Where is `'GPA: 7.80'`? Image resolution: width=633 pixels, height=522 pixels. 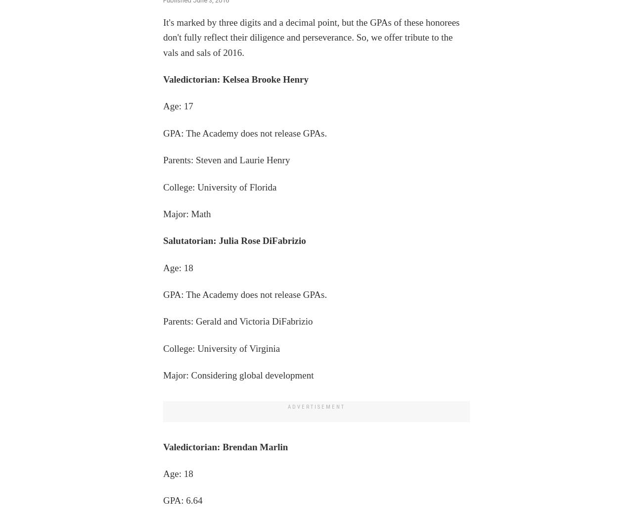
'GPA: 7.80' is located at coordinates (182, 111).